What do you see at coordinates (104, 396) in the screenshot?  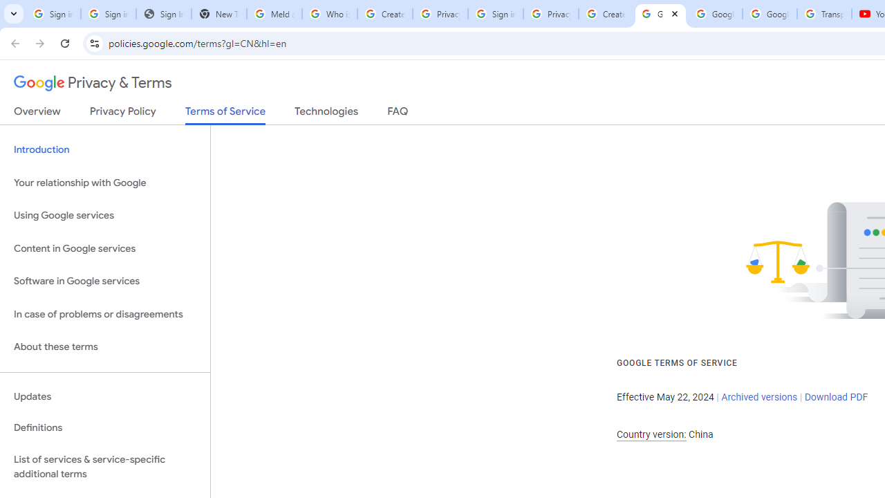 I see `'Updates'` at bounding box center [104, 396].